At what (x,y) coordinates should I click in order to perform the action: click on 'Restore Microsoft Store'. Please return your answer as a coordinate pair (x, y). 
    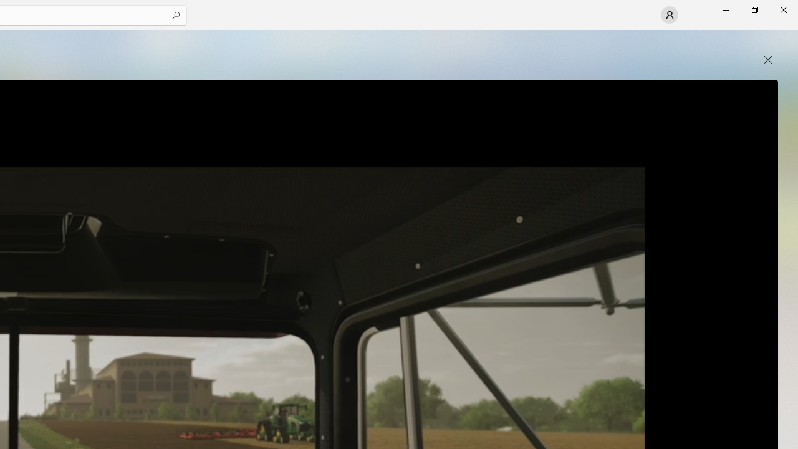
    Looking at the image, I should click on (754, 9).